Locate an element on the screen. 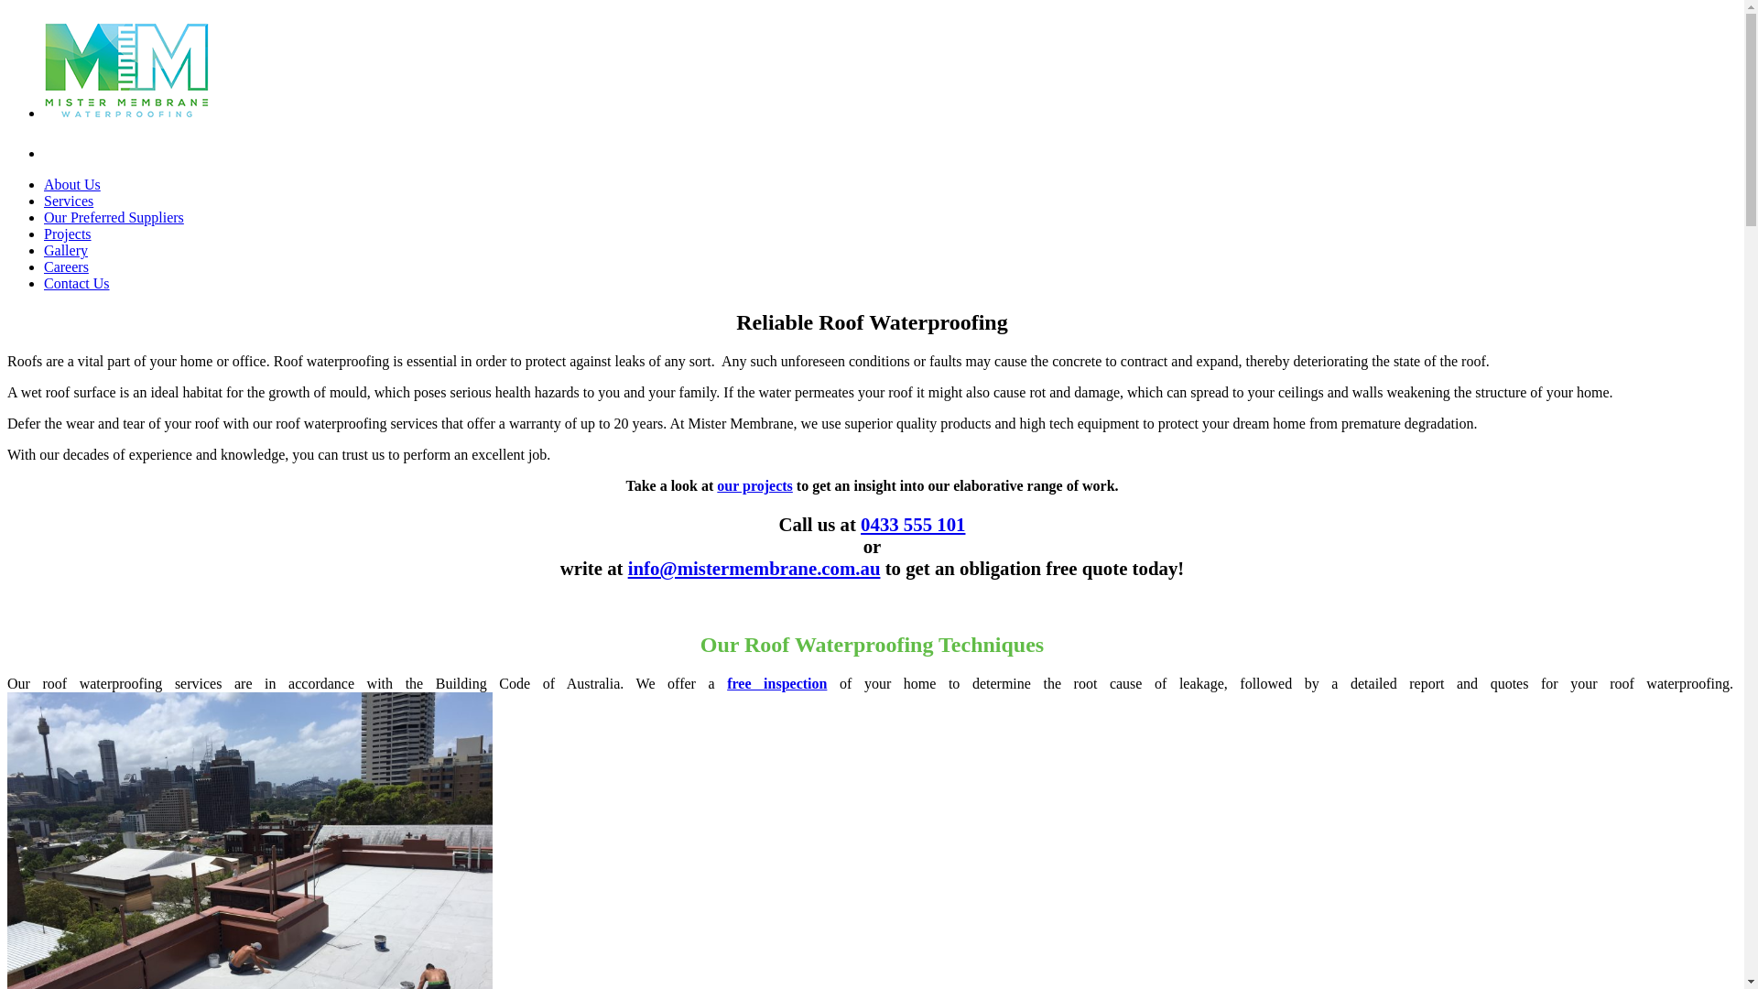 Image resolution: width=1758 pixels, height=989 pixels. 'info@mistermembrane.com.au' is located at coordinates (628, 567).